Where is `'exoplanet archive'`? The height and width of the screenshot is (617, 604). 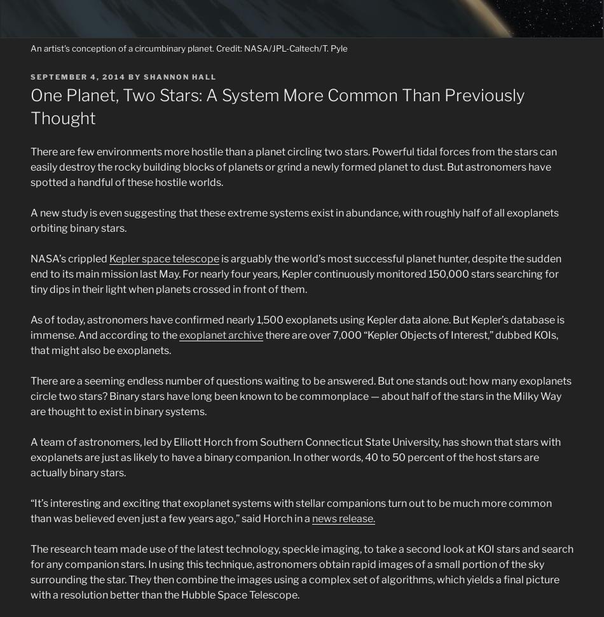
'exoplanet archive' is located at coordinates (220, 334).